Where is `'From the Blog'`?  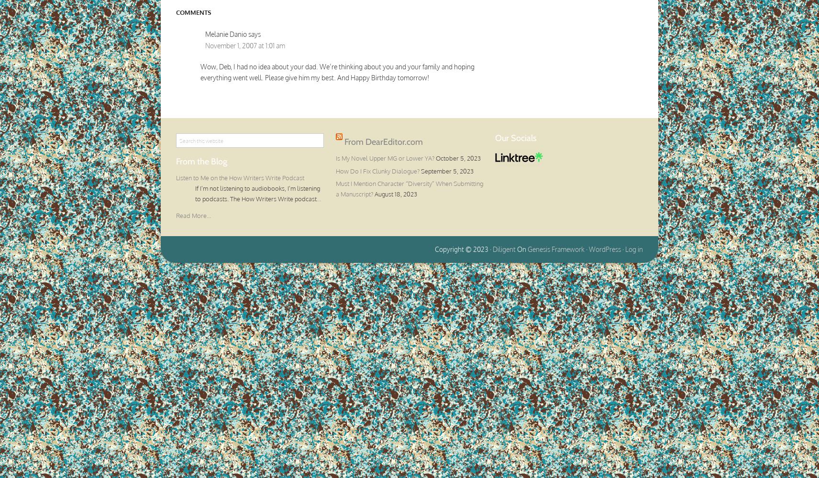 'From the Blog' is located at coordinates (176, 161).